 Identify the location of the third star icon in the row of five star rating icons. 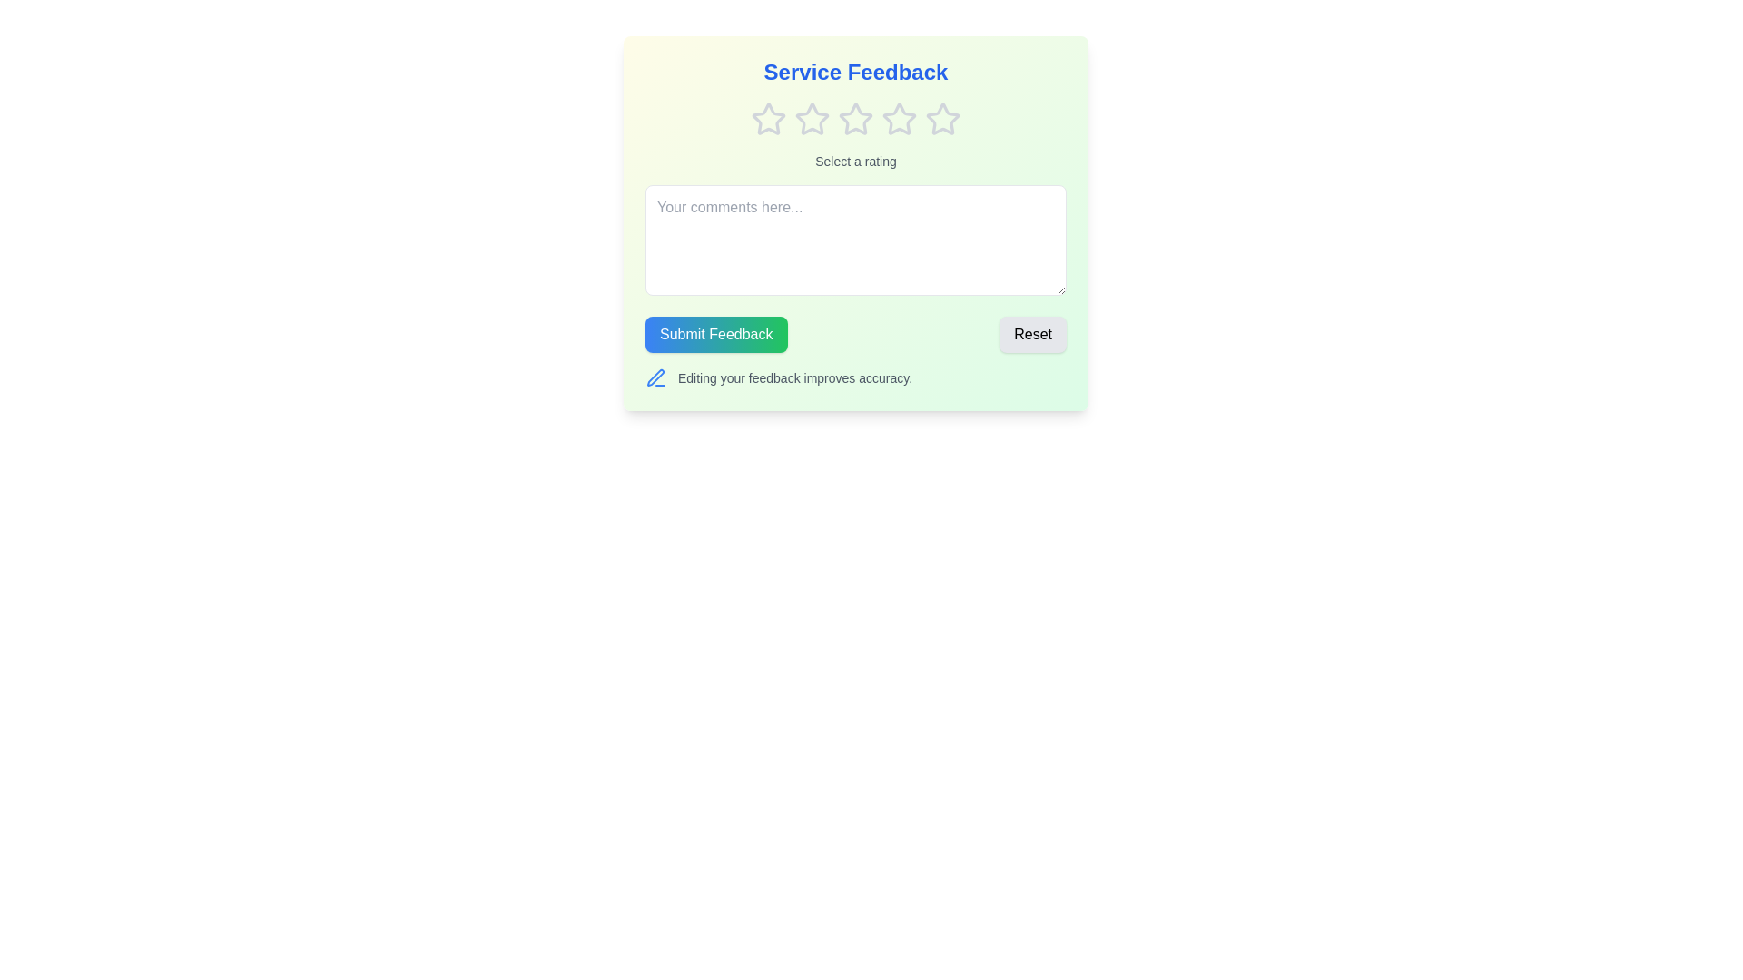
(854, 119).